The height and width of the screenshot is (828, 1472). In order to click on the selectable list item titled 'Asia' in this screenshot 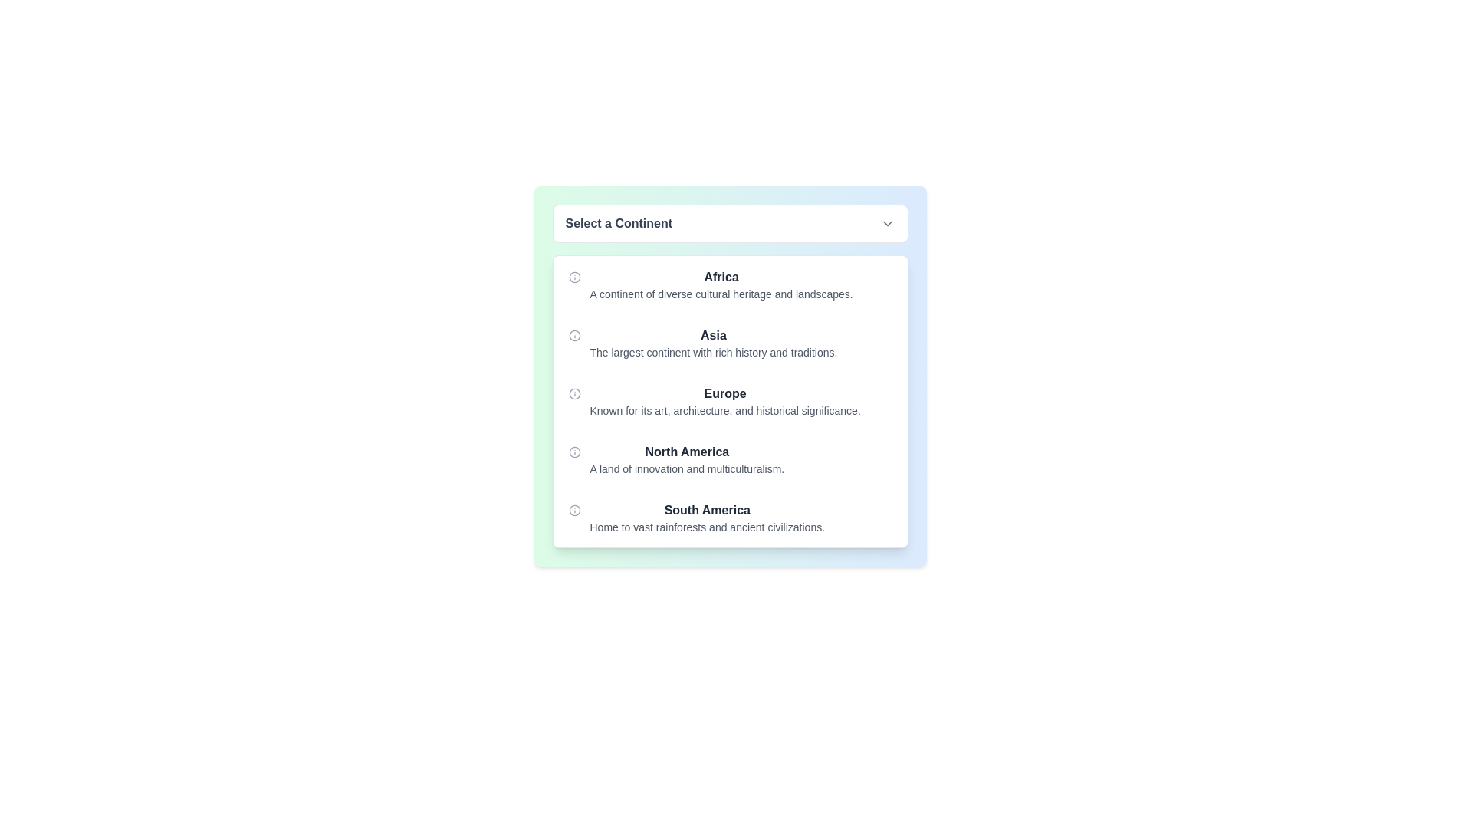, I will do `click(729, 342)`.